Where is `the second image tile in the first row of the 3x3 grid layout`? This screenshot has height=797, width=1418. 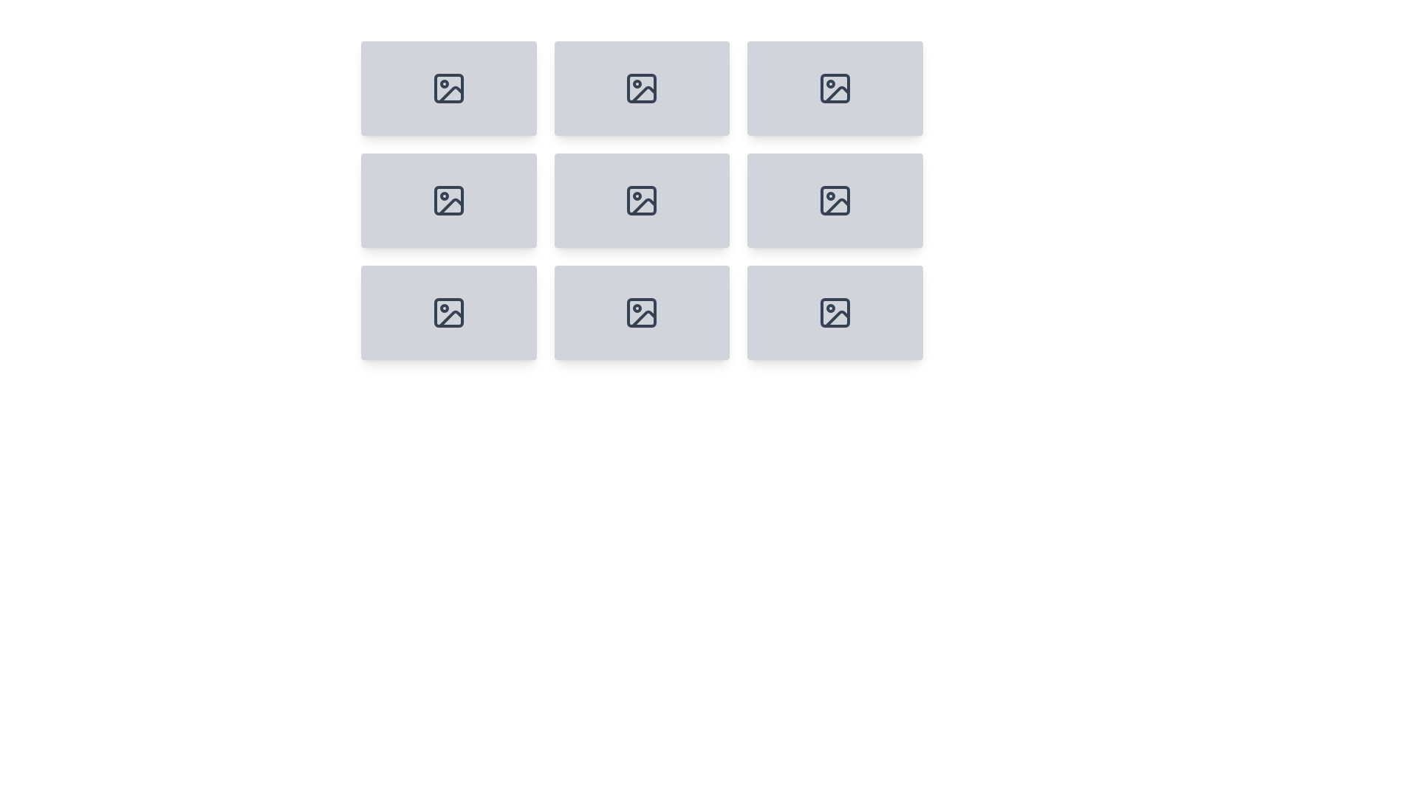 the second image tile in the first row of the 3x3 grid layout is located at coordinates (642, 88).